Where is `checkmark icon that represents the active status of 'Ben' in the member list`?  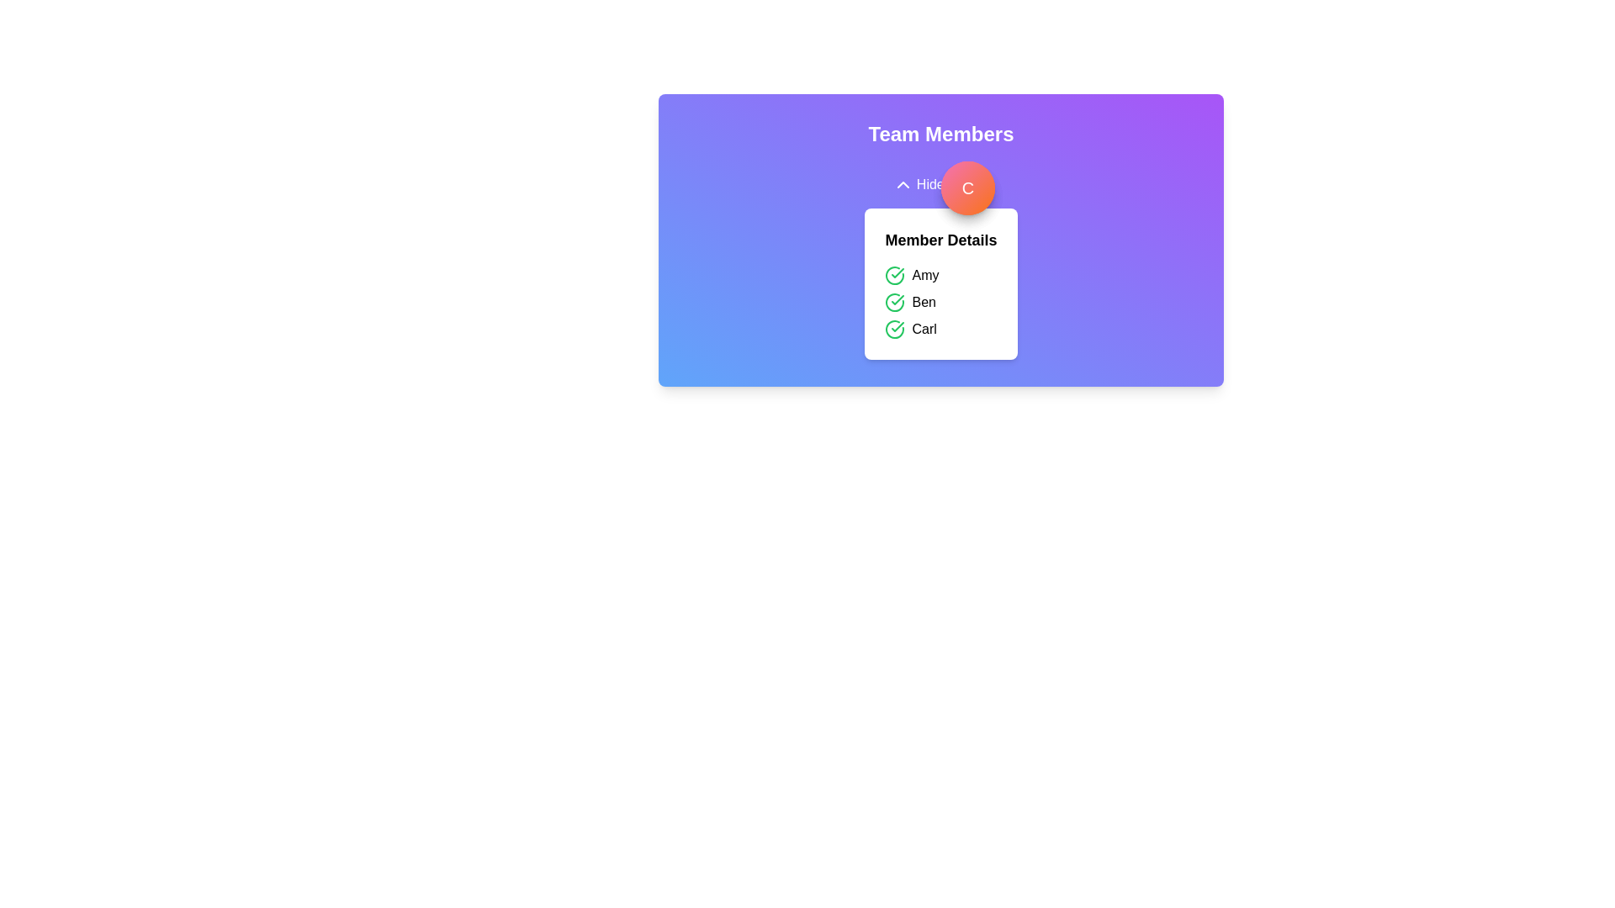
checkmark icon that represents the active status of 'Ben' in the member list is located at coordinates (897, 299).